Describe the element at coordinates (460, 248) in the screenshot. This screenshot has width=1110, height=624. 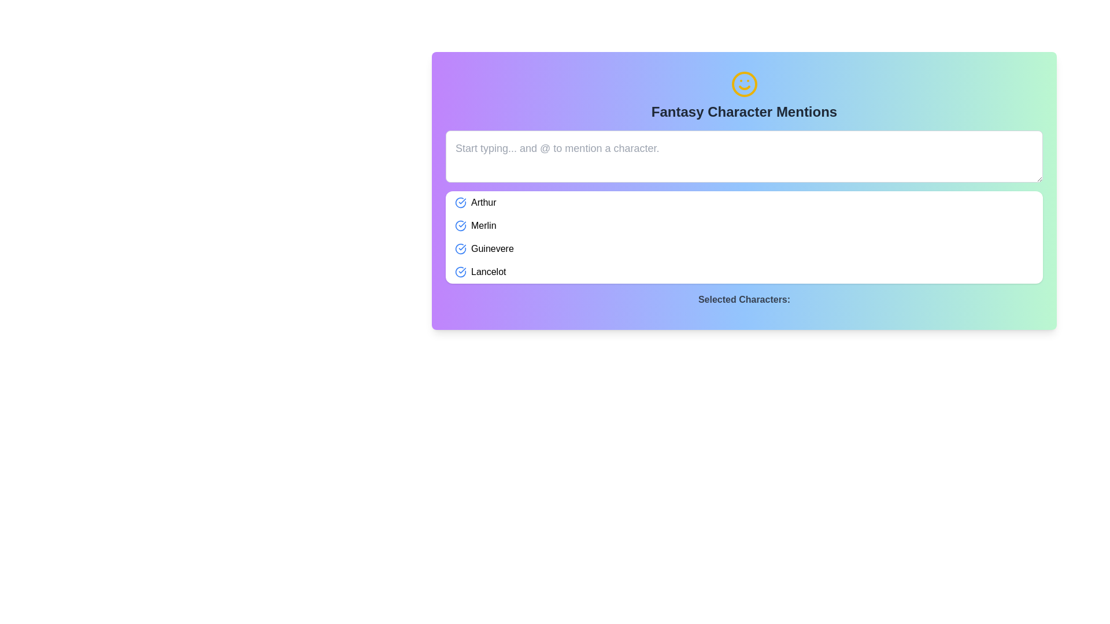
I see `the circular checkmark icon with a blue hue located to the left of the label 'Guinevere'` at that location.